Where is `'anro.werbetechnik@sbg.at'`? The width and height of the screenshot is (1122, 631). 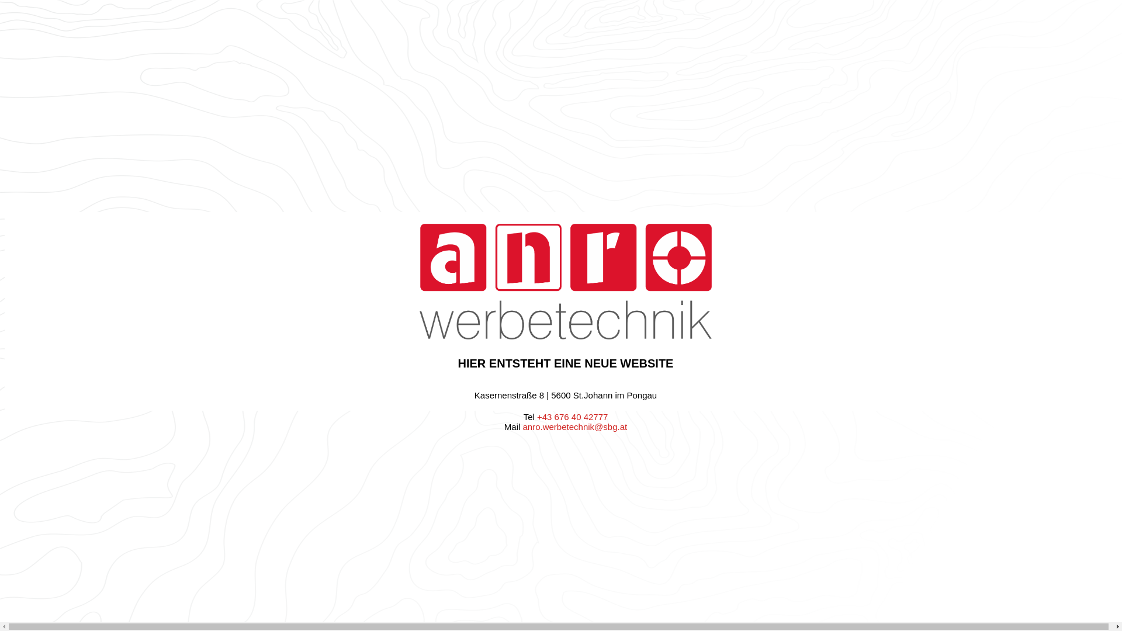 'anro.werbetechnik@sbg.at' is located at coordinates (574, 427).